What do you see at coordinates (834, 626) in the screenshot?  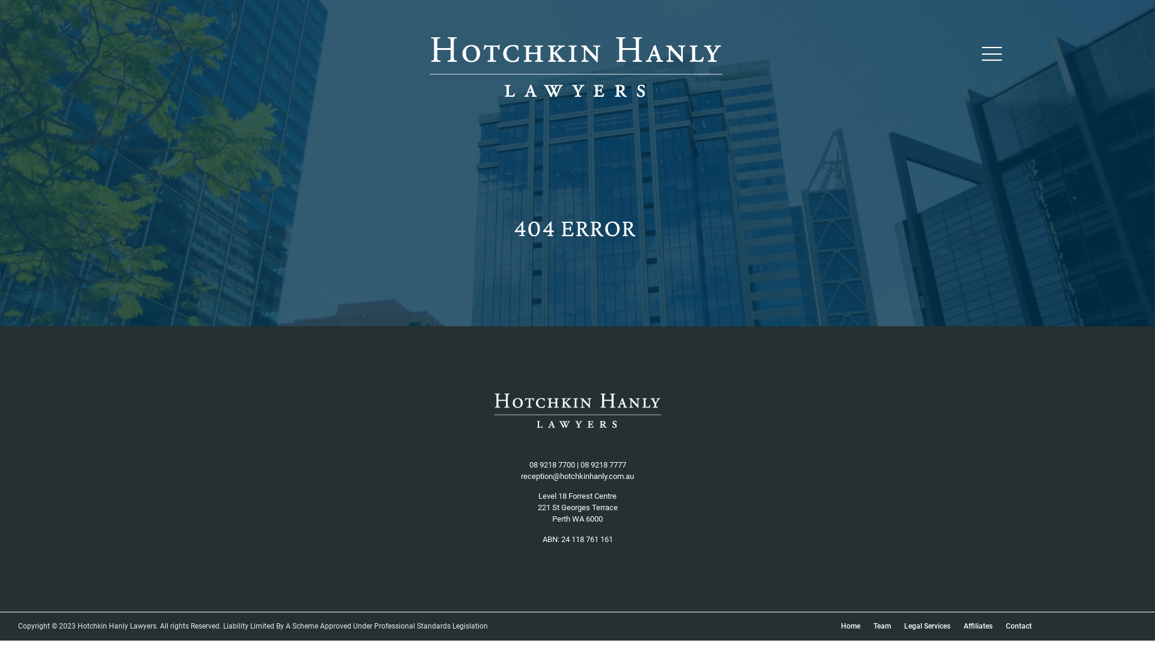 I see `'Home'` at bounding box center [834, 626].